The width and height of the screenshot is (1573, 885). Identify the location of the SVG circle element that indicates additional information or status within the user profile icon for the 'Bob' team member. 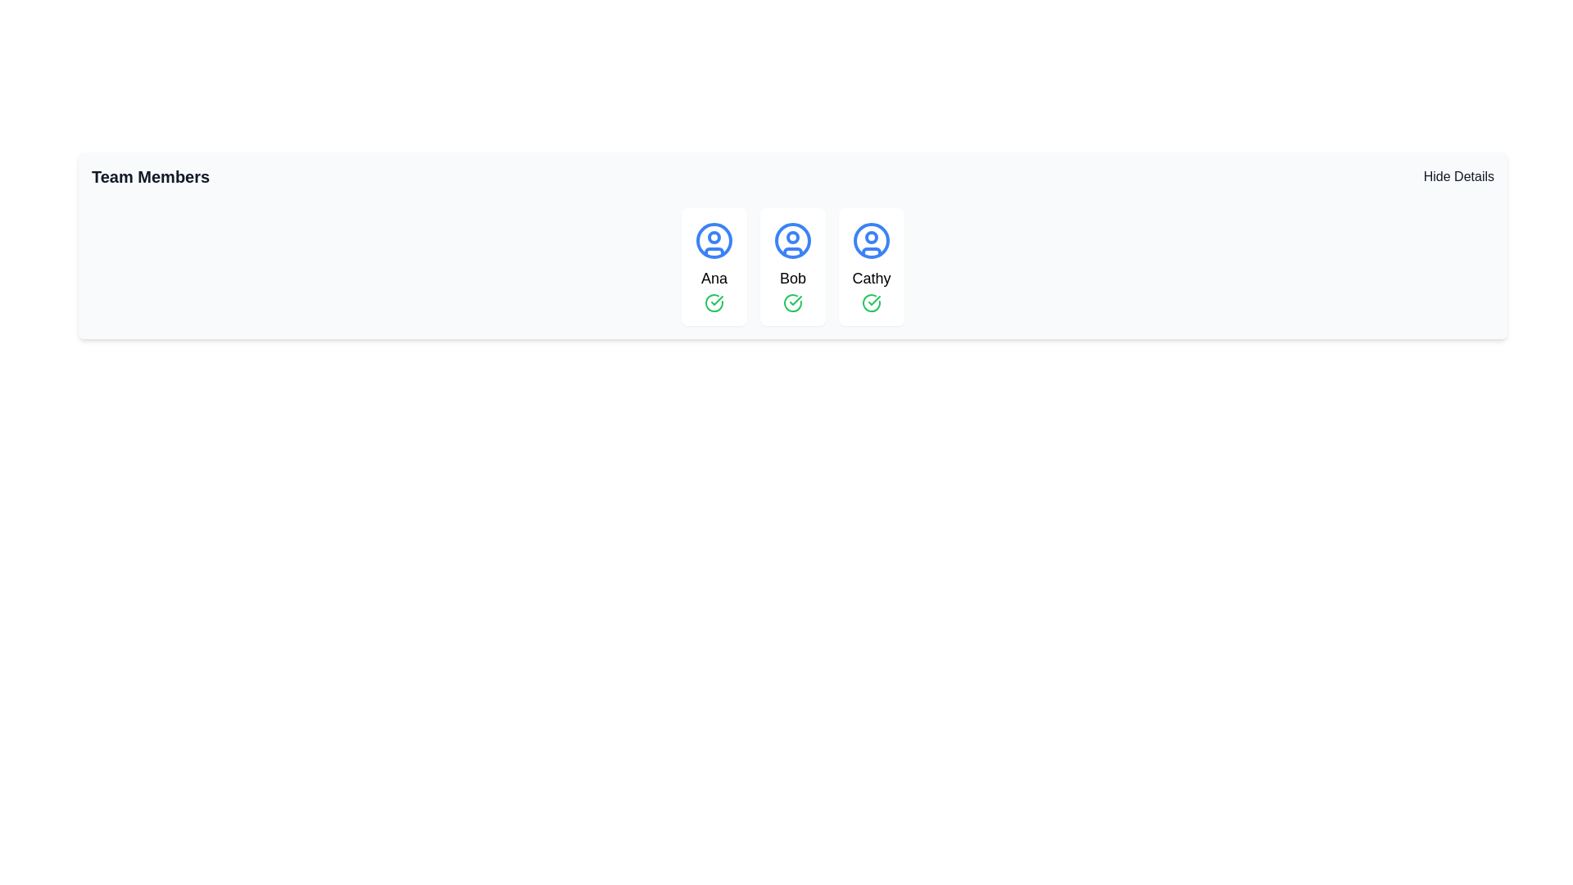
(793, 237).